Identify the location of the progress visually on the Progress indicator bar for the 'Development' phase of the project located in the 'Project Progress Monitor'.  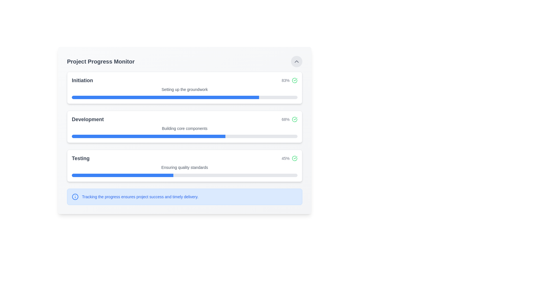
(148, 136).